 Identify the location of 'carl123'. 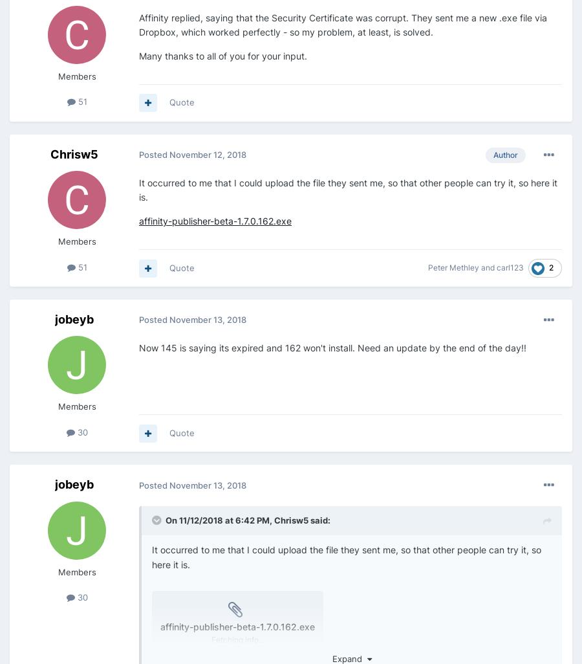
(495, 267).